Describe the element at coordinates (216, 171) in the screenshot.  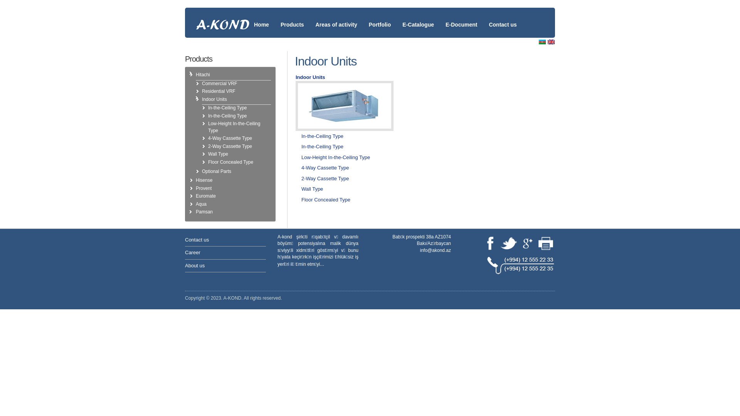
I see `'Optional Parts'` at that location.